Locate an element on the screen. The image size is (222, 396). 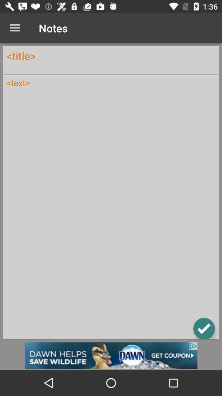
change title is located at coordinates (111, 55).